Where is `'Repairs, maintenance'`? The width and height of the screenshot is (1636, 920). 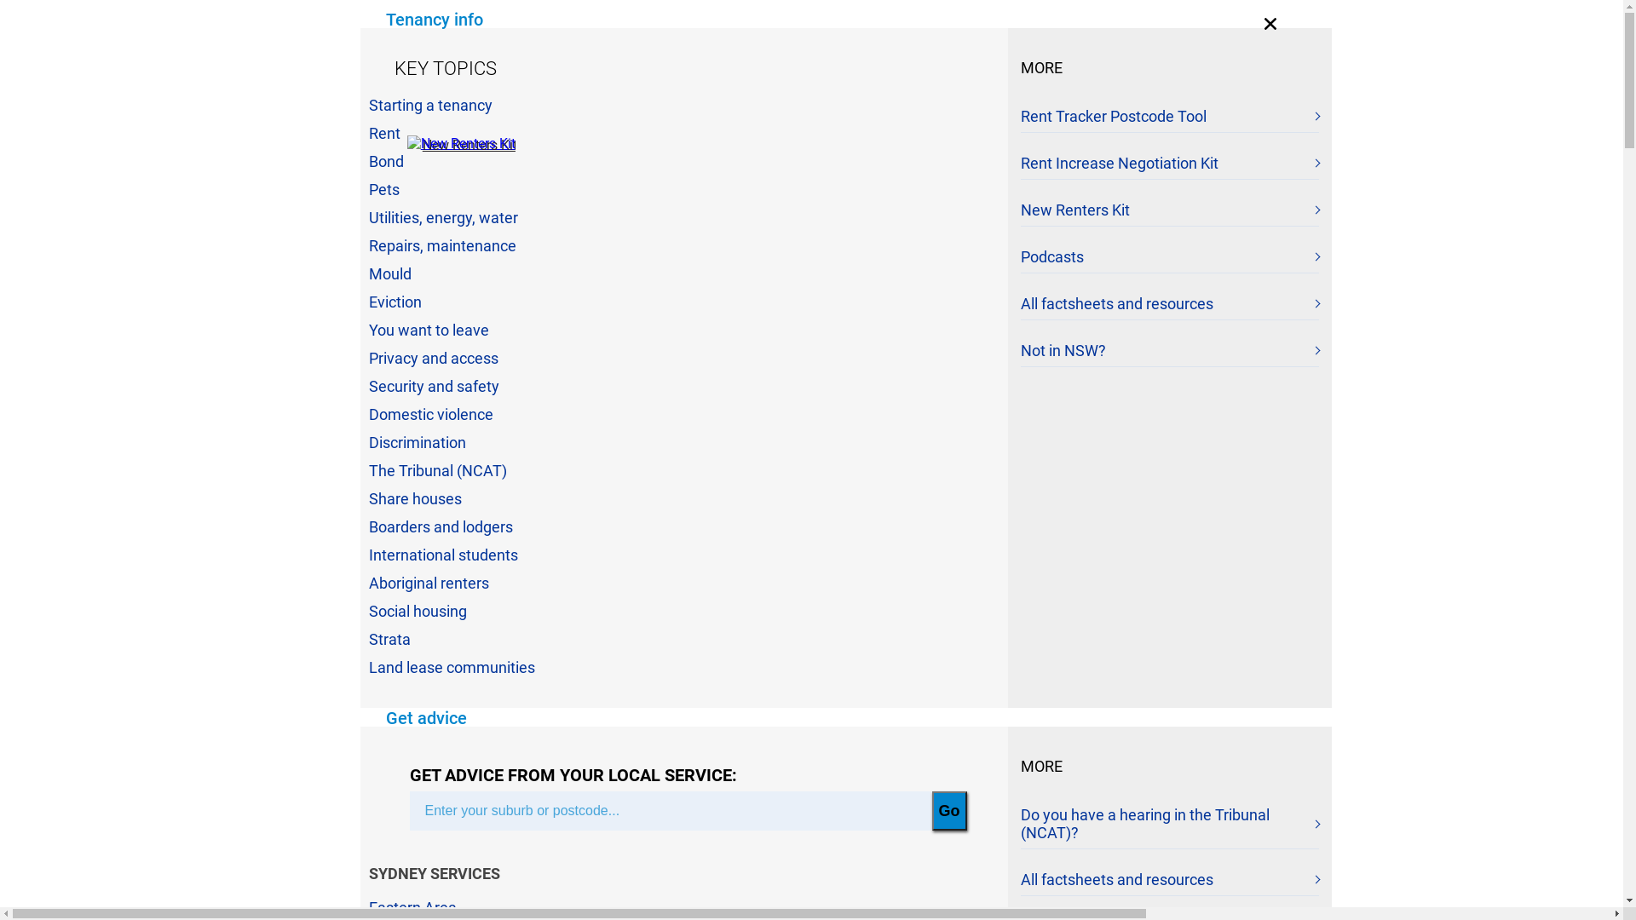
'Repairs, maintenance' is located at coordinates (441, 245).